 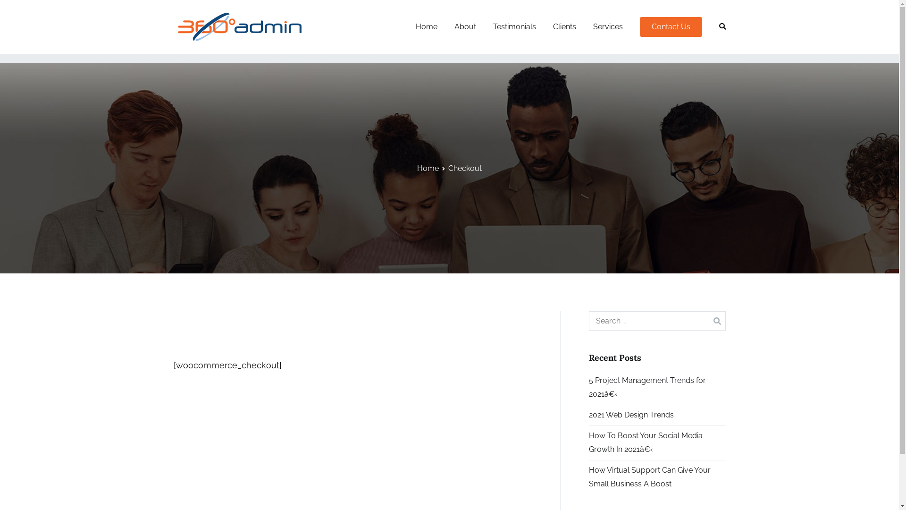 I want to click on 'About', so click(x=464, y=26).